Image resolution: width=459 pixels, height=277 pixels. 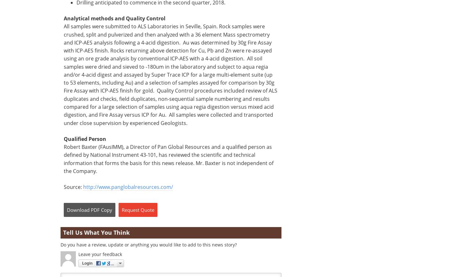 What do you see at coordinates (96, 232) in the screenshot?
I see `'Tell Us What You Think'` at bounding box center [96, 232].